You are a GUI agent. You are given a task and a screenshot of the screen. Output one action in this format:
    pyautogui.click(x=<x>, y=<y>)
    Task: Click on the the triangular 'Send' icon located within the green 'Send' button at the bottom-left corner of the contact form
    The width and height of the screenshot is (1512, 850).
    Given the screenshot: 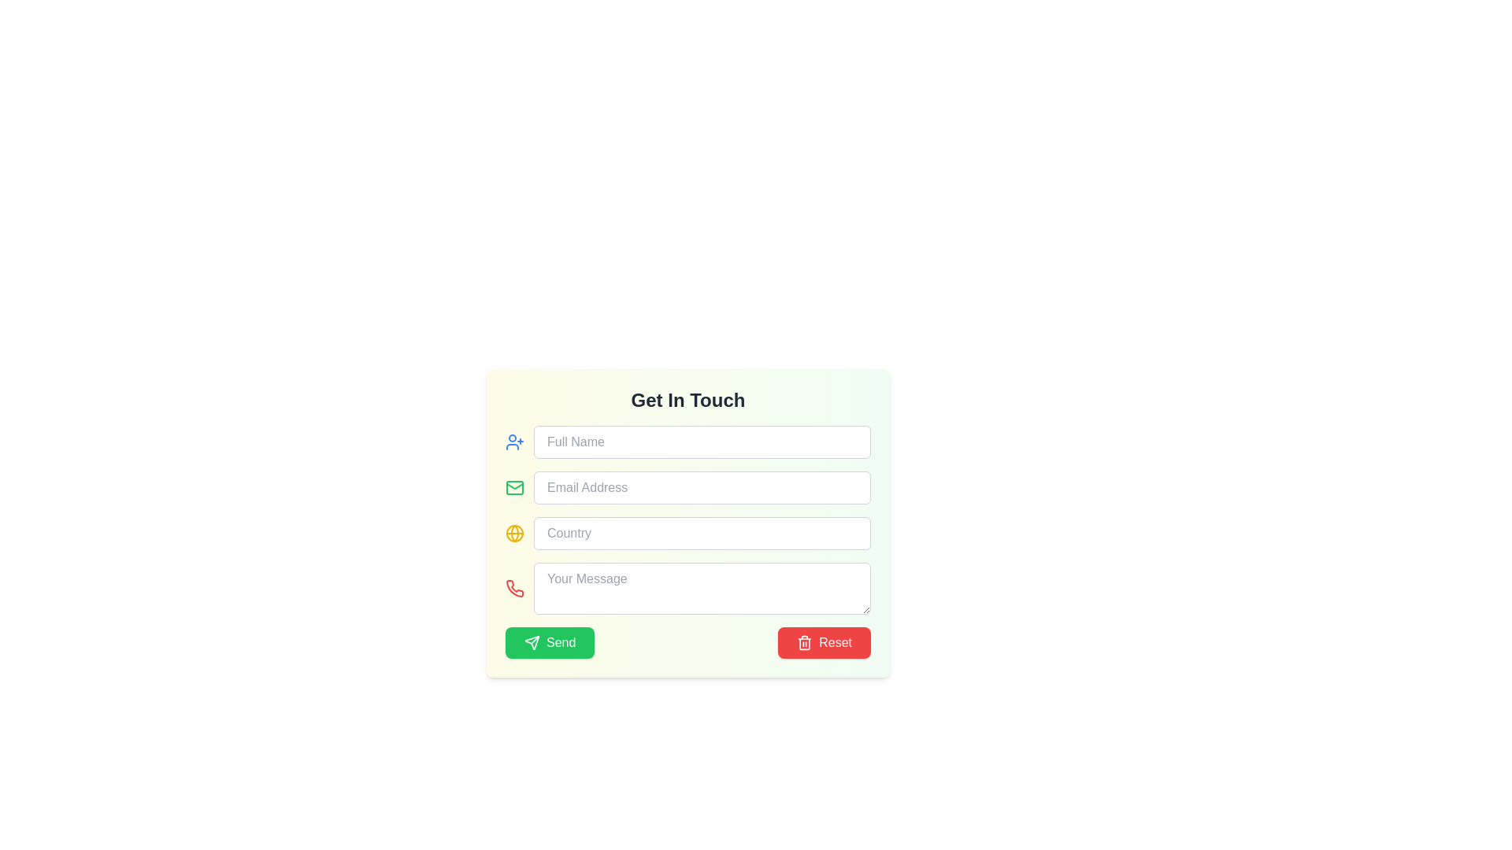 What is the action you would take?
    pyautogui.click(x=532, y=643)
    